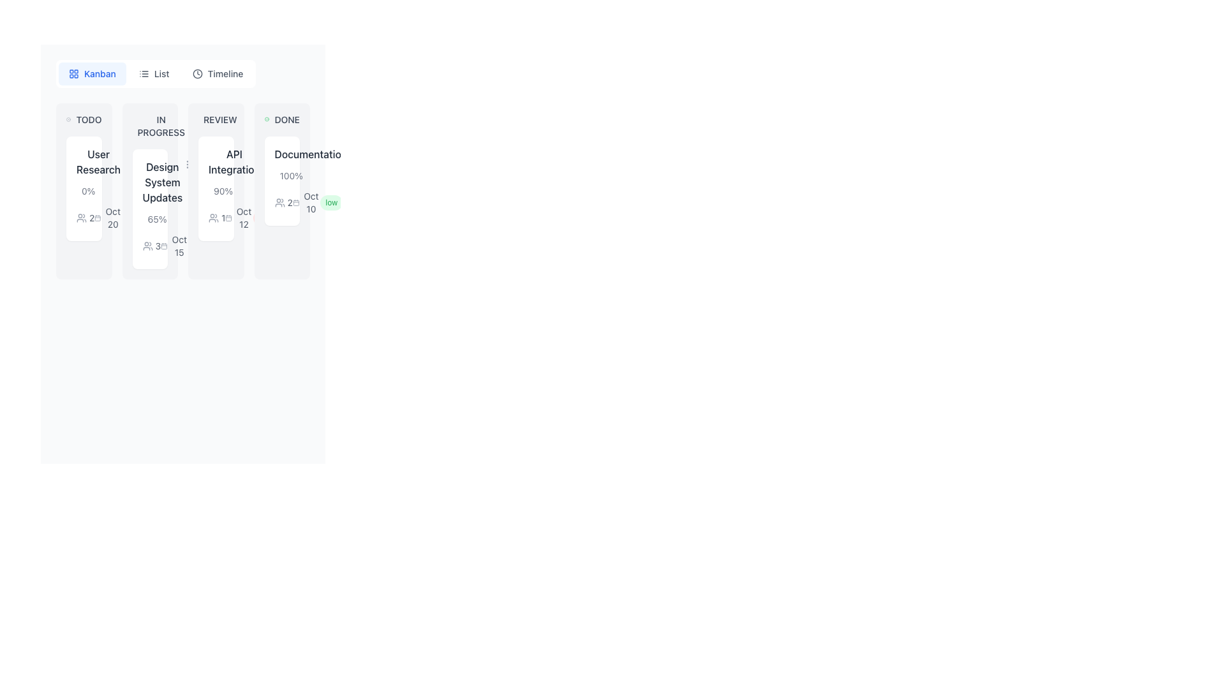 This screenshot has height=689, width=1225. Describe the element at coordinates (281, 202) in the screenshot. I see `the small gray icon representing two stylized human figures located in the 'Done' section of the Kanban card titled 'Documentation'` at that location.